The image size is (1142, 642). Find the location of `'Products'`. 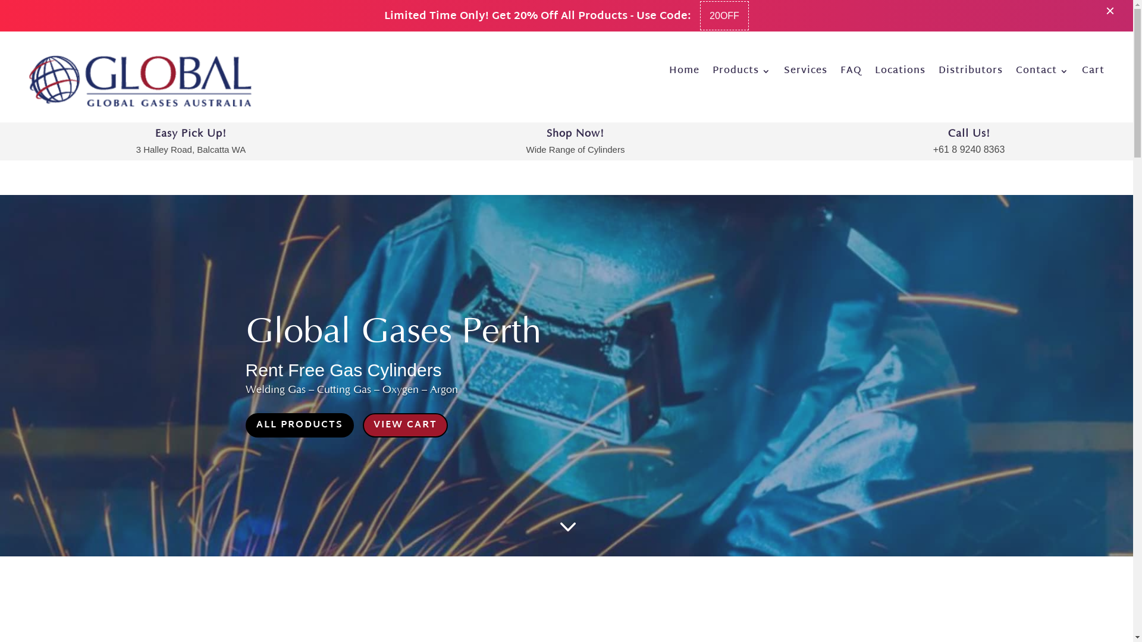

'Products' is located at coordinates (713, 73).